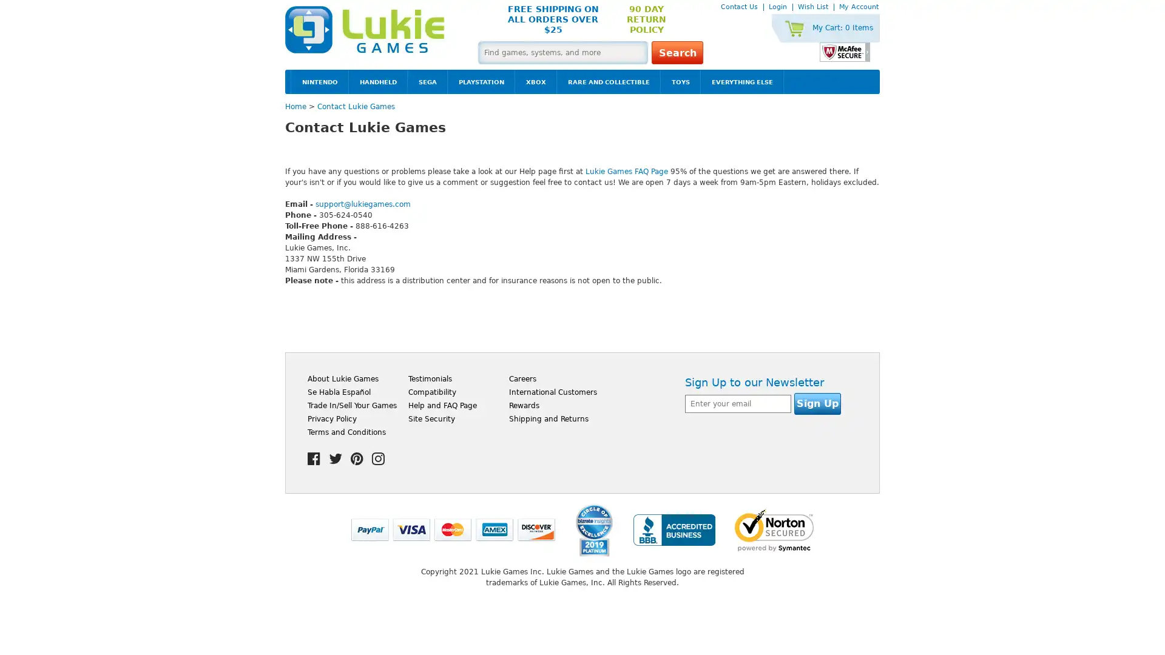 The image size is (1165, 655). I want to click on Sign Up, so click(817, 404).